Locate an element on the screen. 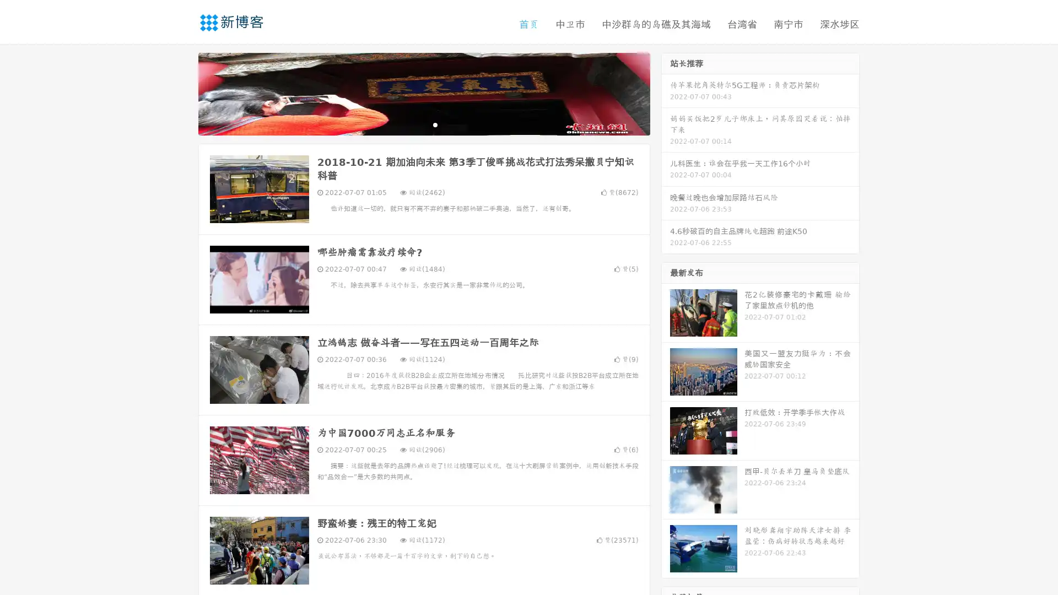 This screenshot has height=595, width=1058. Go to slide 3 is located at coordinates (435, 124).